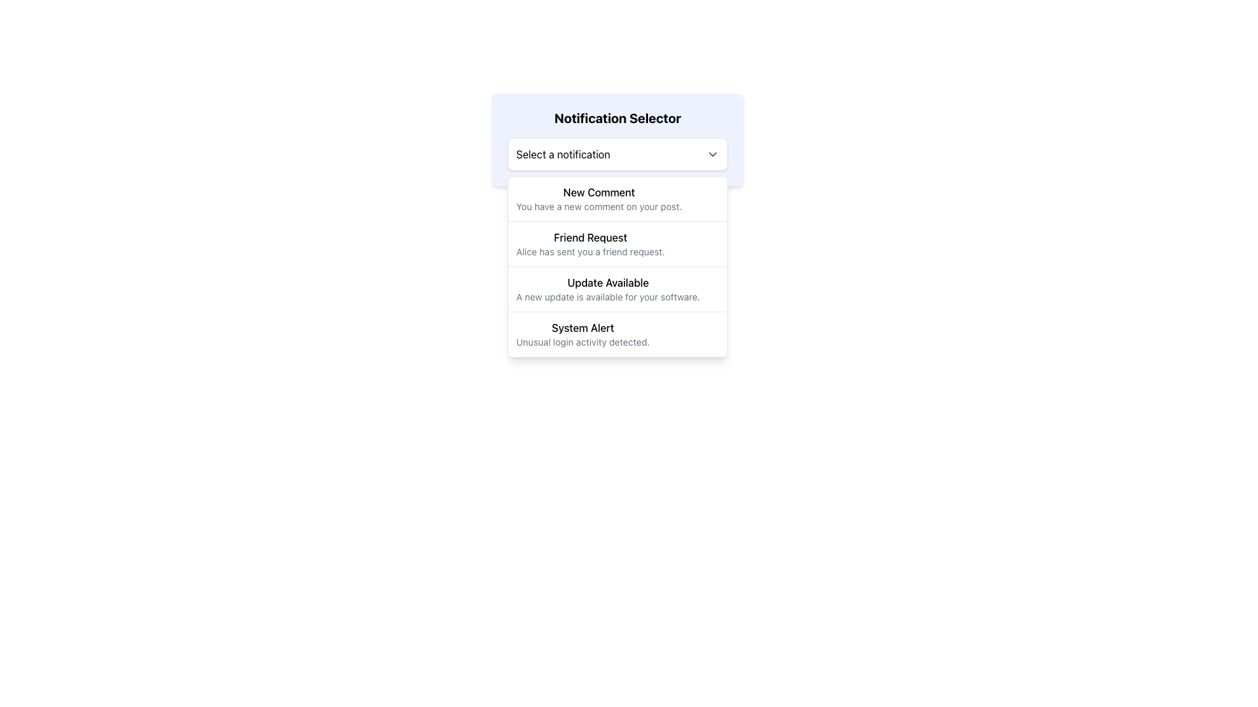  Describe the element at coordinates (712, 153) in the screenshot. I see `the downward-facing chevron icon located in the top-right corner of the 'Select a notification' dropdown input box to trigger potential hover effects` at that location.